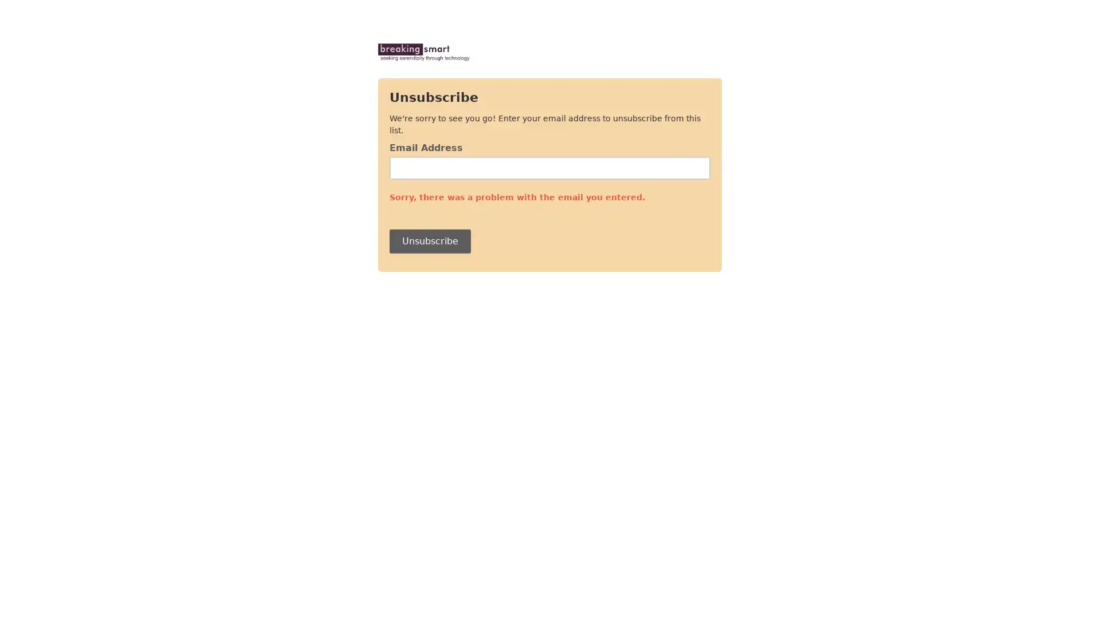  Describe the element at coordinates (429, 240) in the screenshot. I see `Unsubscribe` at that location.